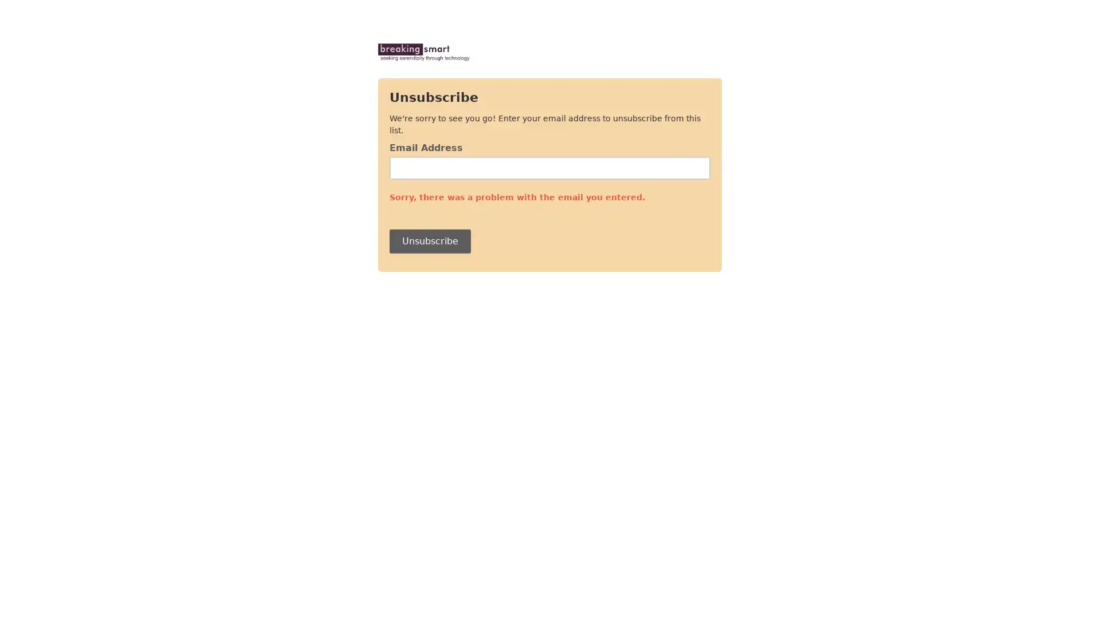  Describe the element at coordinates (429, 240) in the screenshot. I see `Unsubscribe` at that location.